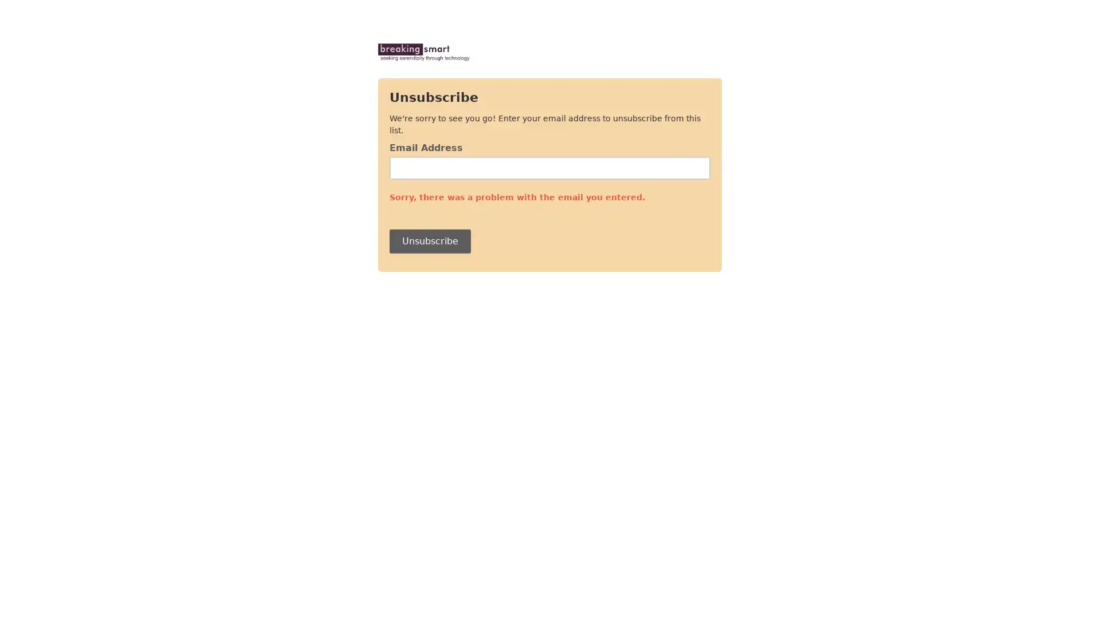  Describe the element at coordinates (429, 240) in the screenshot. I see `Unsubscribe` at that location.